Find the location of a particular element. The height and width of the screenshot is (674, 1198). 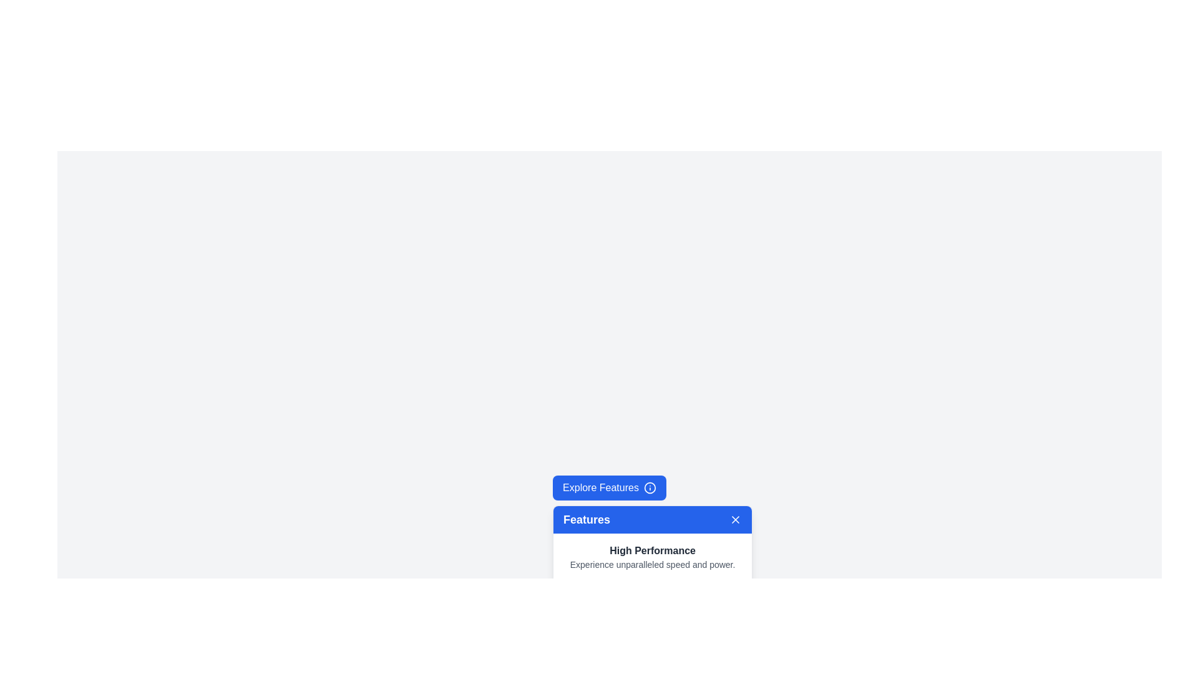

the close (X) button located in the top-right corner of the 'Features' section is located at coordinates (736, 520).